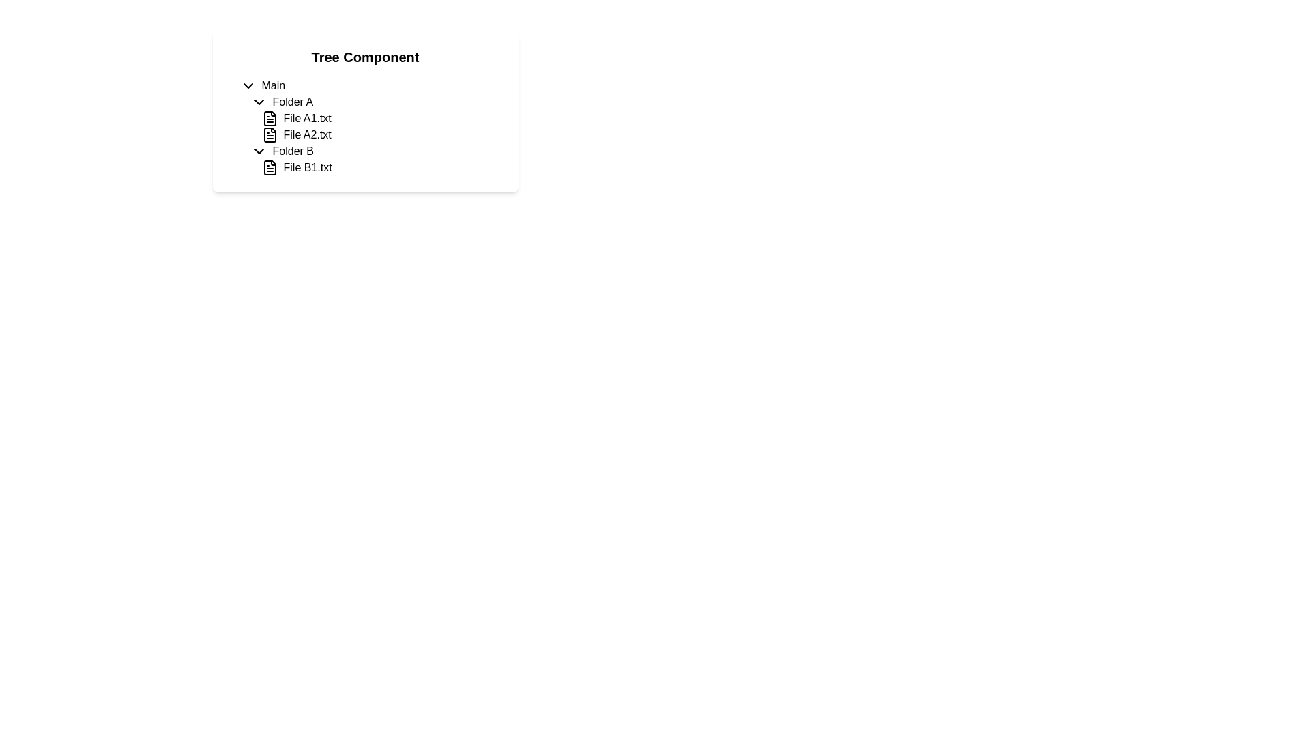 This screenshot has width=1310, height=737. What do you see at coordinates (292, 151) in the screenshot?
I see `the text label for 'Folder B' in the Tree Component` at bounding box center [292, 151].